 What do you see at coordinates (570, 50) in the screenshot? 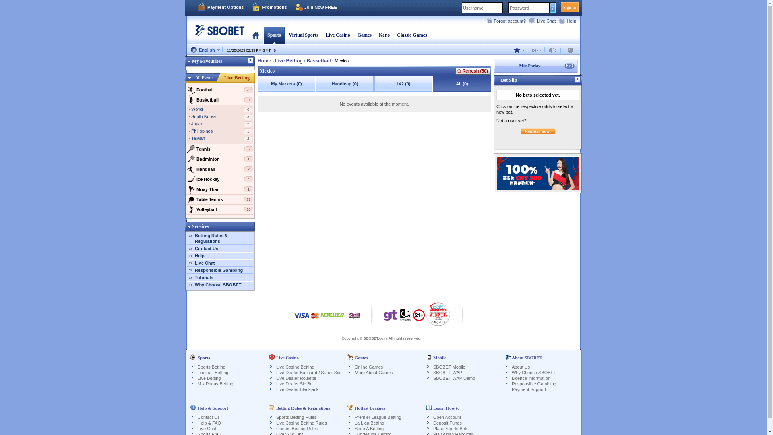
I see `'Unavailable option'` at bounding box center [570, 50].